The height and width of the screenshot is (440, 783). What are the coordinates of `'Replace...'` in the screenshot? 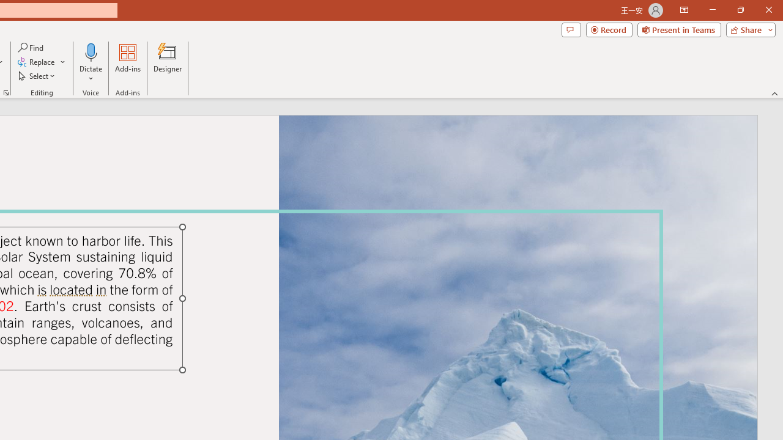 It's located at (42, 62).